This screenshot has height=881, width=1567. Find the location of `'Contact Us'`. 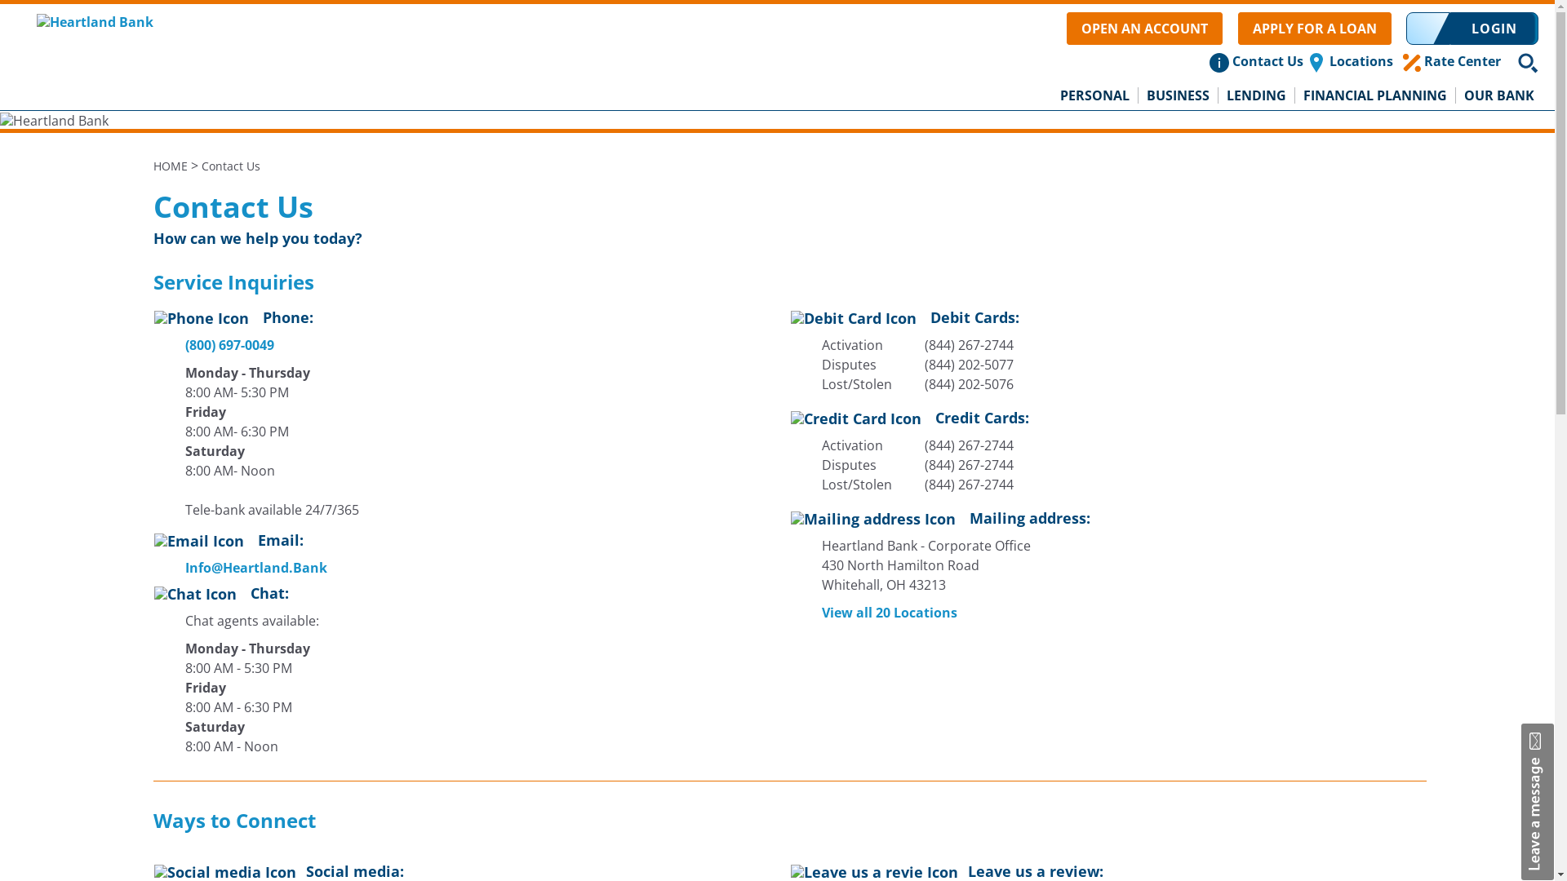

'Contact Us' is located at coordinates (1267, 60).